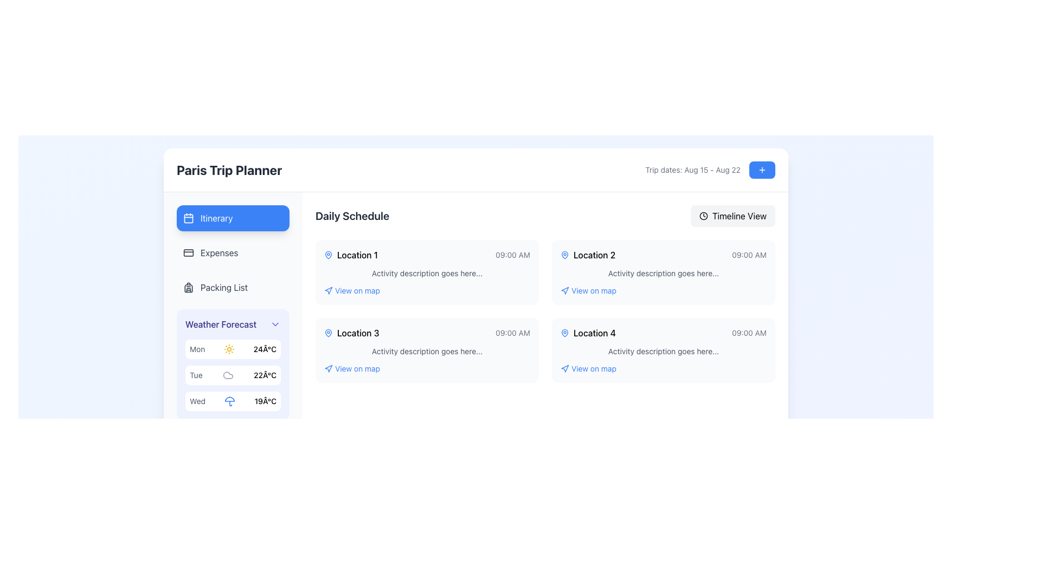 The height and width of the screenshot is (585, 1041). Describe the element at coordinates (351, 255) in the screenshot. I see `the icon of the Label with icon (text and graphic combination) indicating the scheduled location for an event in the Daily Schedule section` at that location.